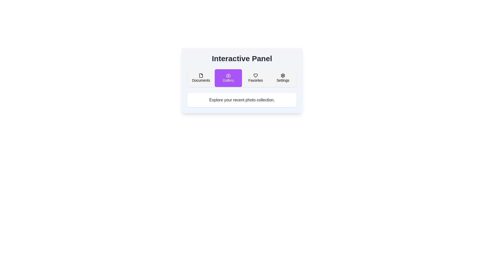 The image size is (485, 273). What do you see at coordinates (228, 78) in the screenshot?
I see `the purple rectangular button labeled 'Gallery' with a camera icon` at bounding box center [228, 78].